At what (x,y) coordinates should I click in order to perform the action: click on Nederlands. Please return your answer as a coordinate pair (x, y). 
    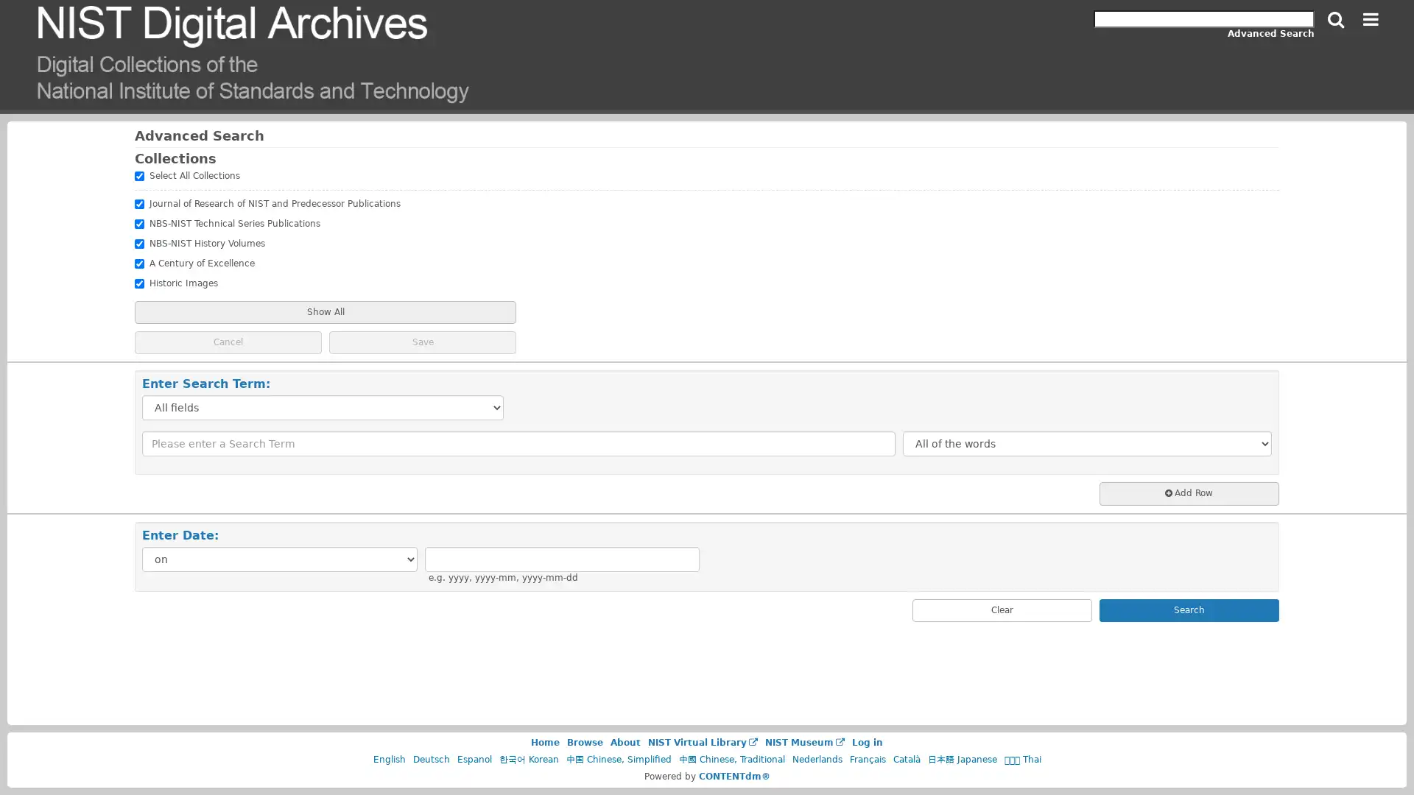
    Looking at the image, I should click on (815, 760).